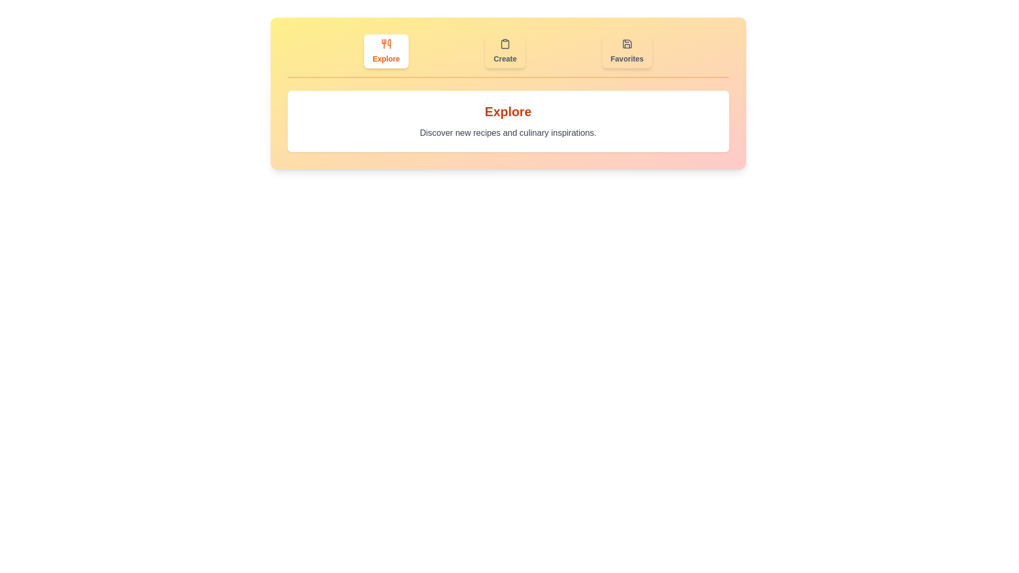 The image size is (1019, 573). I want to click on the tab icon corresponding to Create, so click(504, 51).